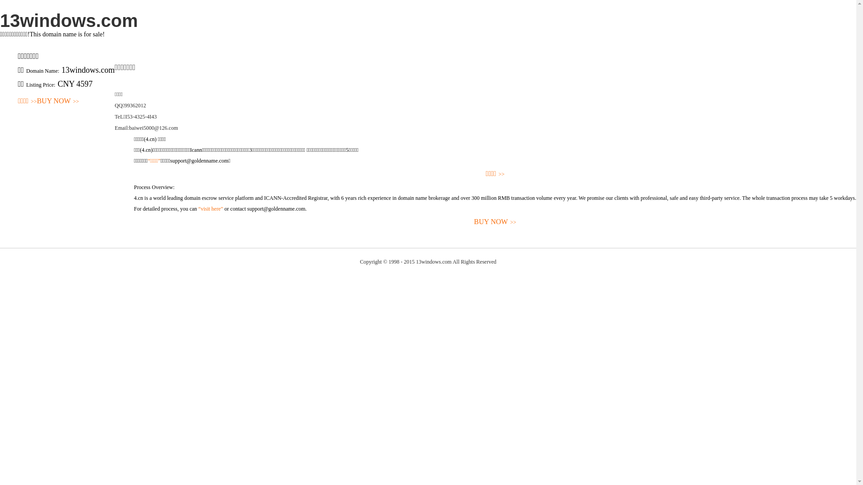  What do you see at coordinates (58, 101) in the screenshot?
I see `'BUY NOW>>'` at bounding box center [58, 101].